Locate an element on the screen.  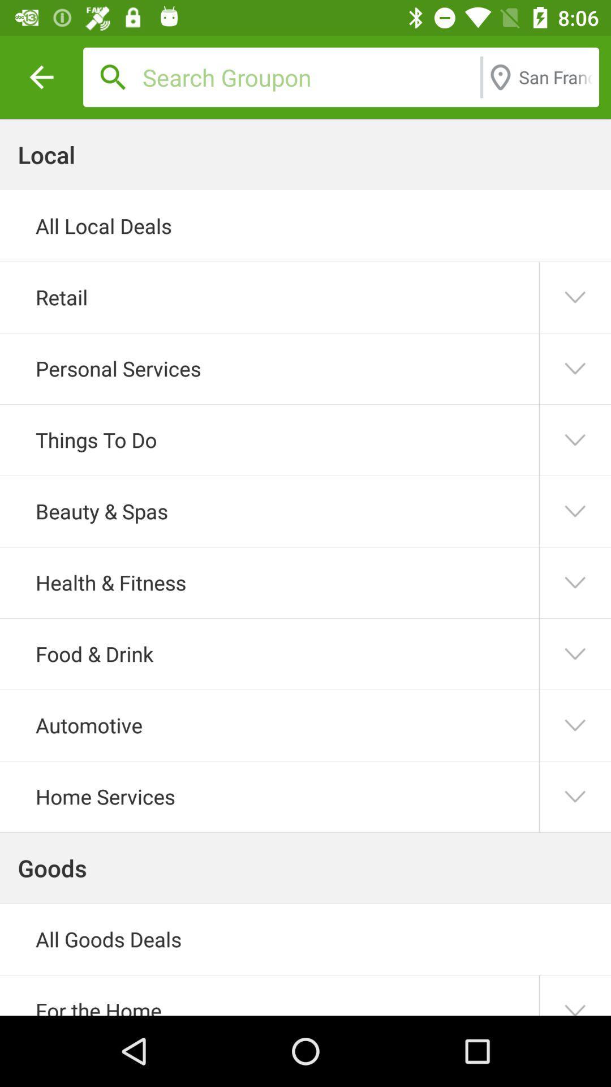
search groupon is located at coordinates (308, 76).